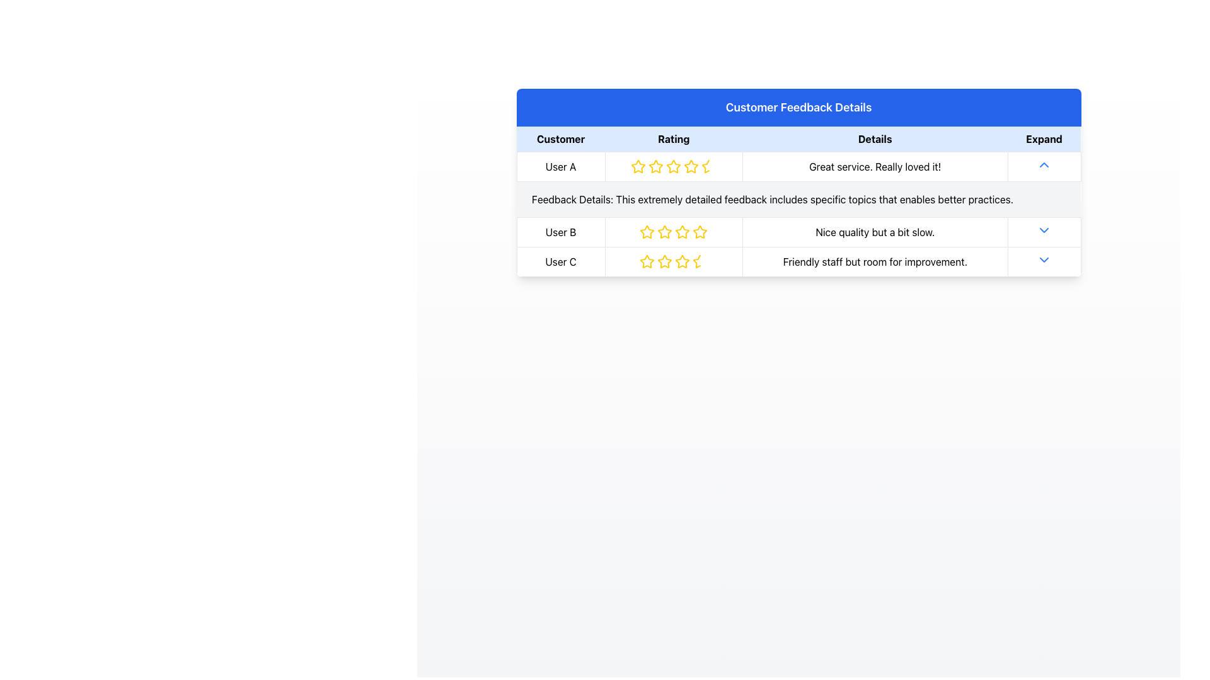 The image size is (1210, 680). I want to click on the 'Details' header label in the table to sort or interact with the corresponding column, so click(874, 139).